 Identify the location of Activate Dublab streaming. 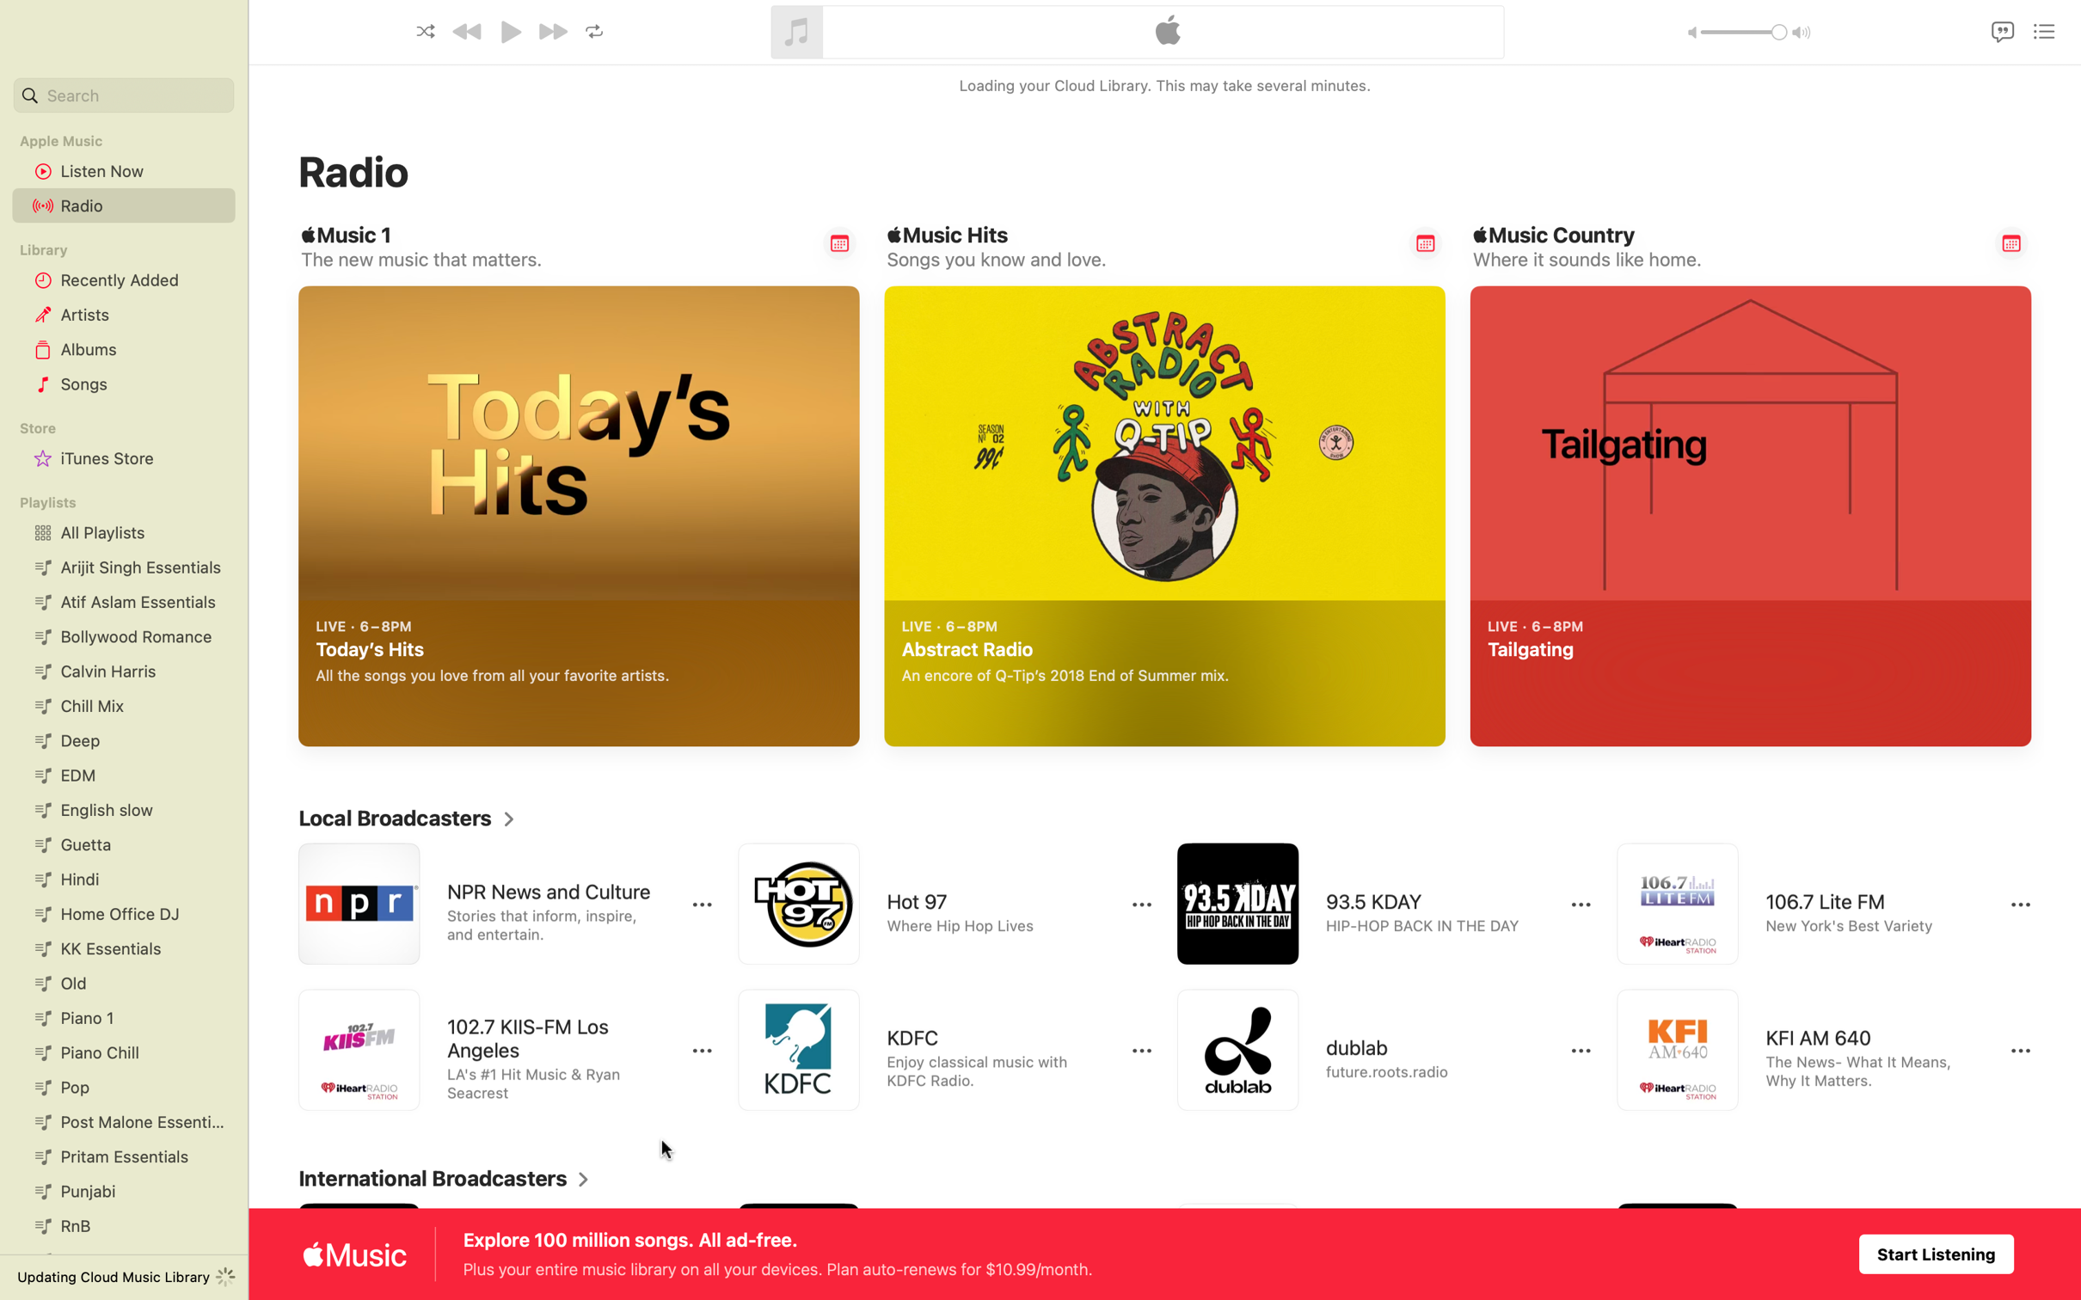
(1369, 1050).